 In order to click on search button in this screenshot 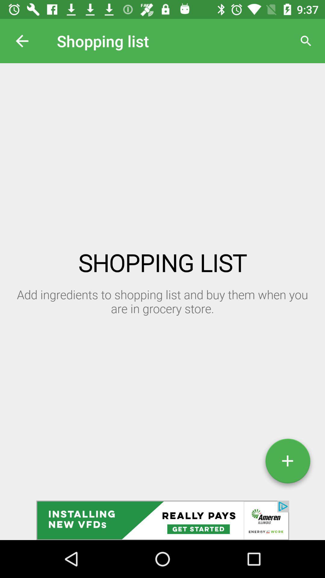, I will do `click(306, 41)`.